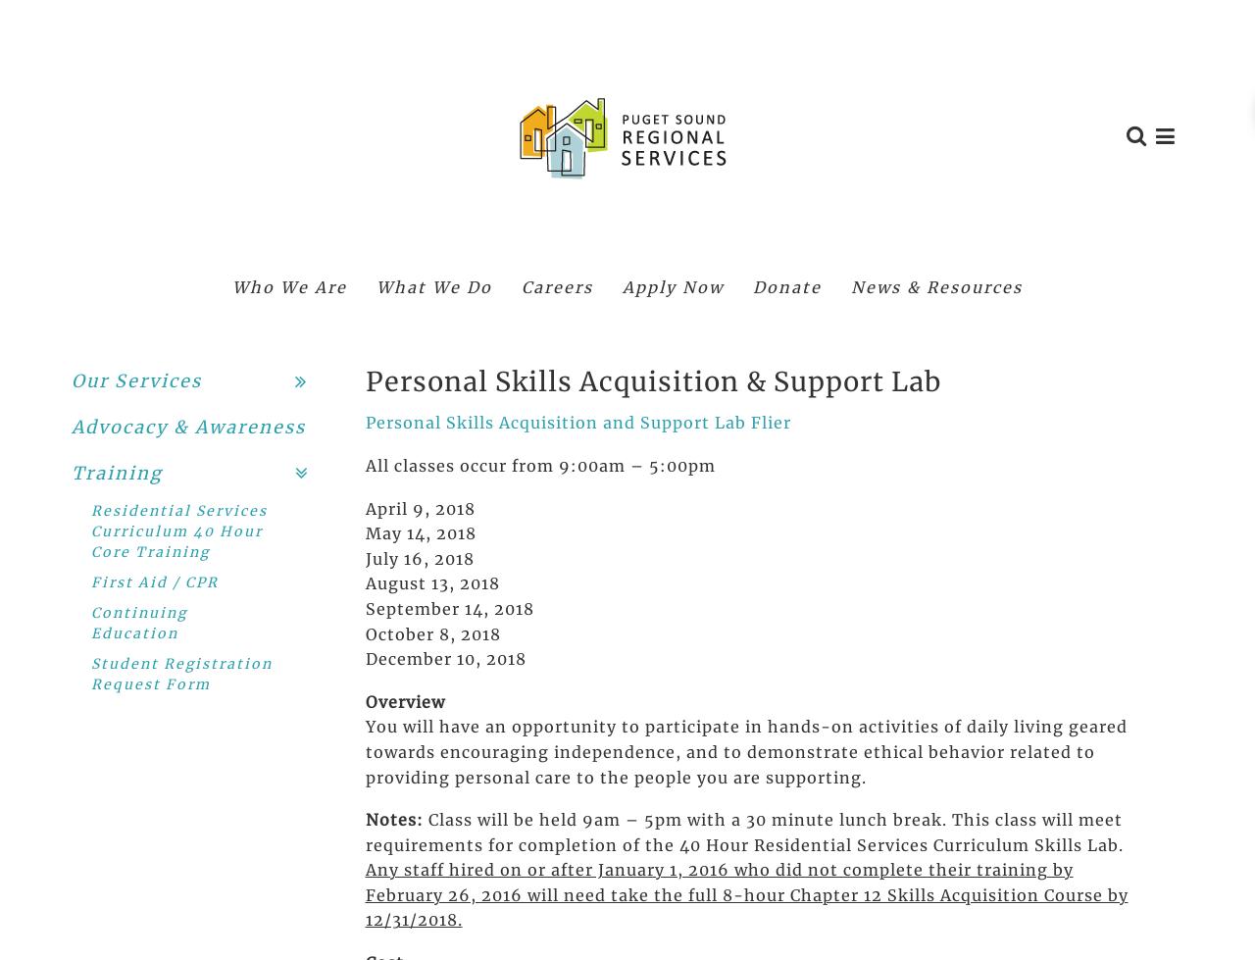 Image resolution: width=1255 pixels, height=960 pixels. Describe the element at coordinates (364, 607) in the screenshot. I see `'September 14, 2018'` at that location.